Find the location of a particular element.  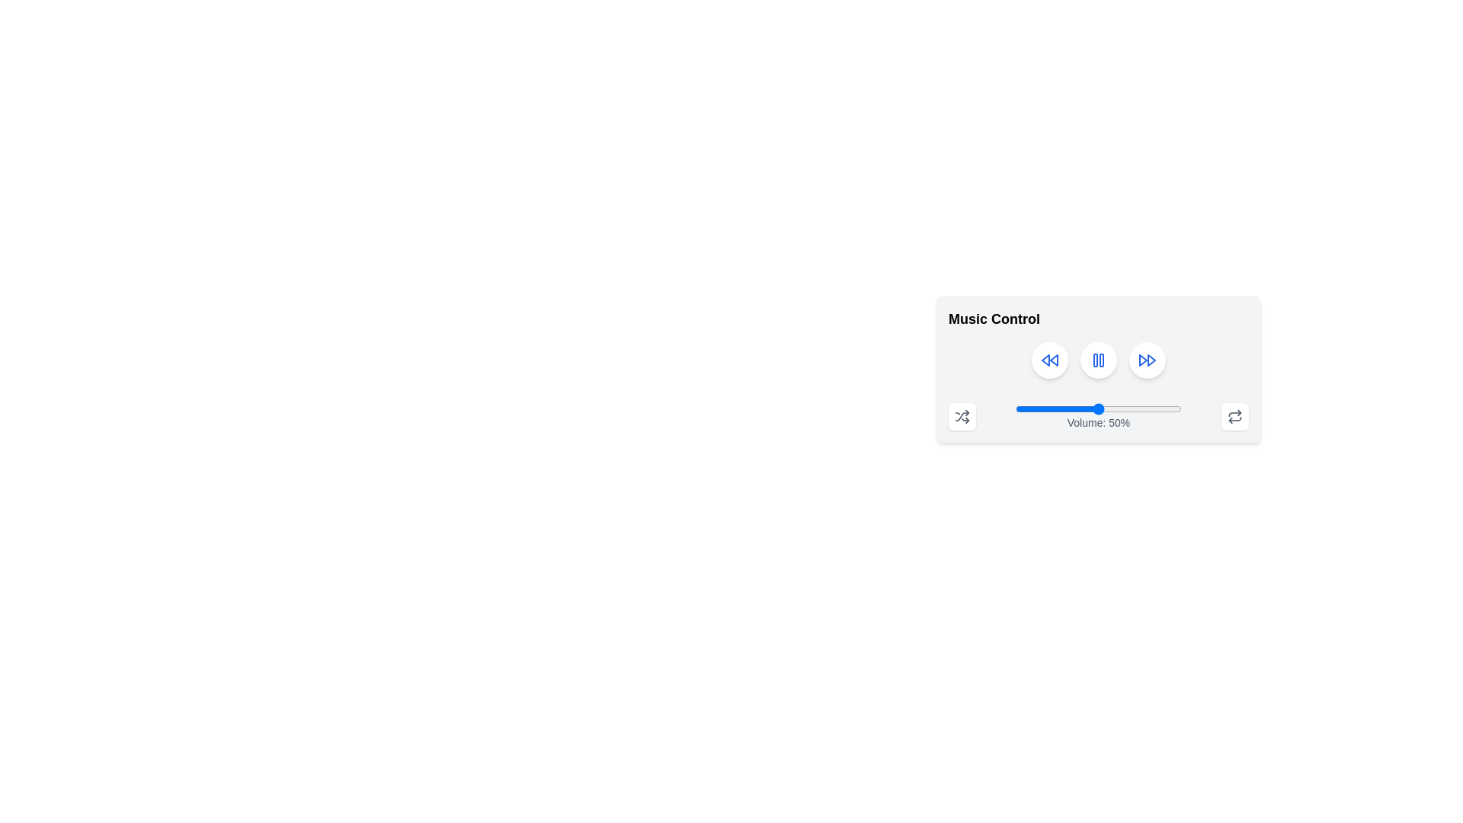

volume is located at coordinates (1103, 408).